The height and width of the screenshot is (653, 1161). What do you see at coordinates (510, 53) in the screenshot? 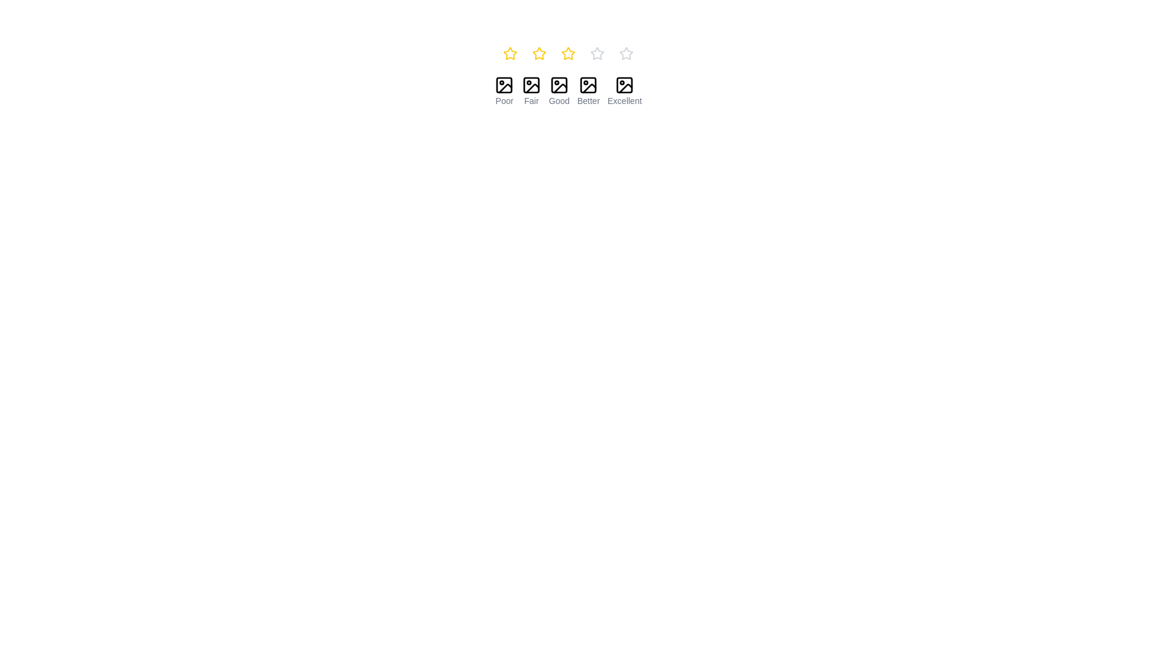
I see `the second star icon from the left in the rating row` at bounding box center [510, 53].